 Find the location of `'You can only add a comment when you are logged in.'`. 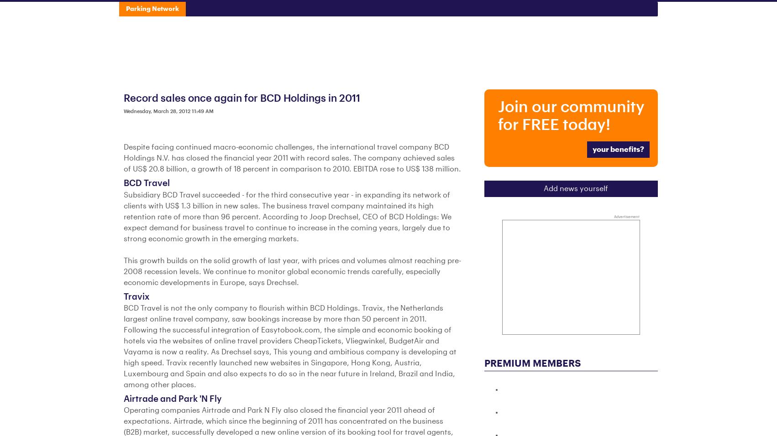

'You can only add a comment when you are logged in.' is located at coordinates (218, 9).